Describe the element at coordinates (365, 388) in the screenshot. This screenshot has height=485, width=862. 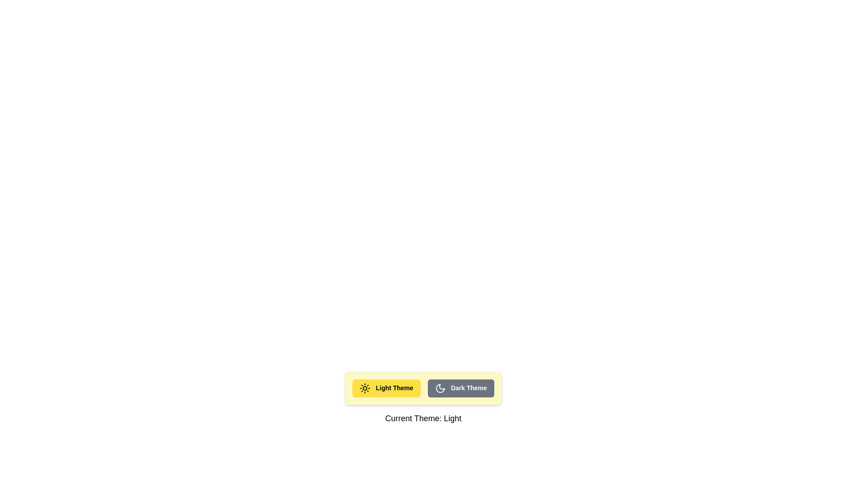
I see `the Decorative Icon that symbolizes the 'Light Theme' functionality, located on the left-hand side of the text within the yellow 'Light Theme' button` at that location.